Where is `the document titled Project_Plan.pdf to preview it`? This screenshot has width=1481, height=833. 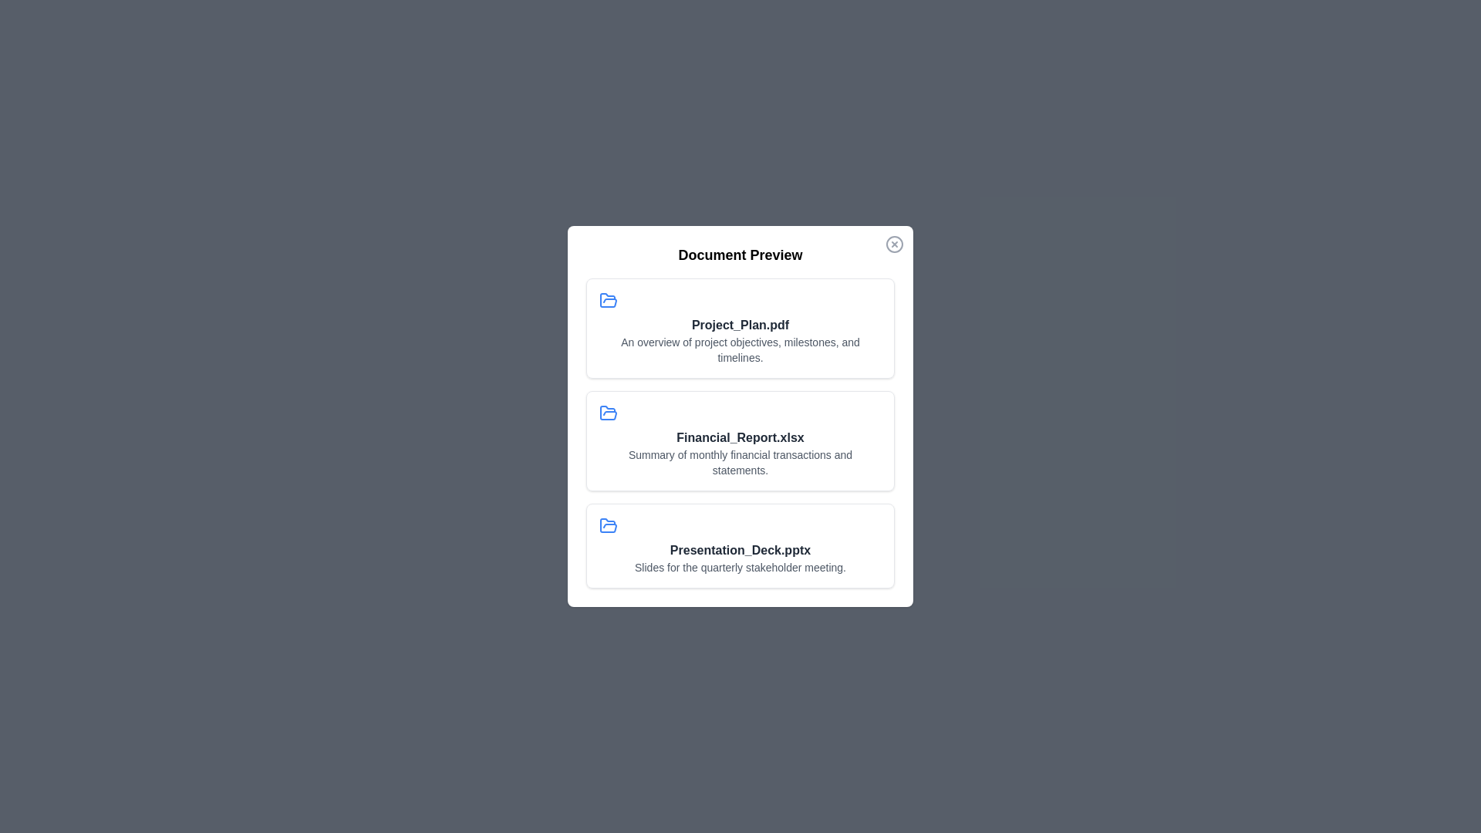
the document titled Project_Plan.pdf to preview it is located at coordinates (740, 327).